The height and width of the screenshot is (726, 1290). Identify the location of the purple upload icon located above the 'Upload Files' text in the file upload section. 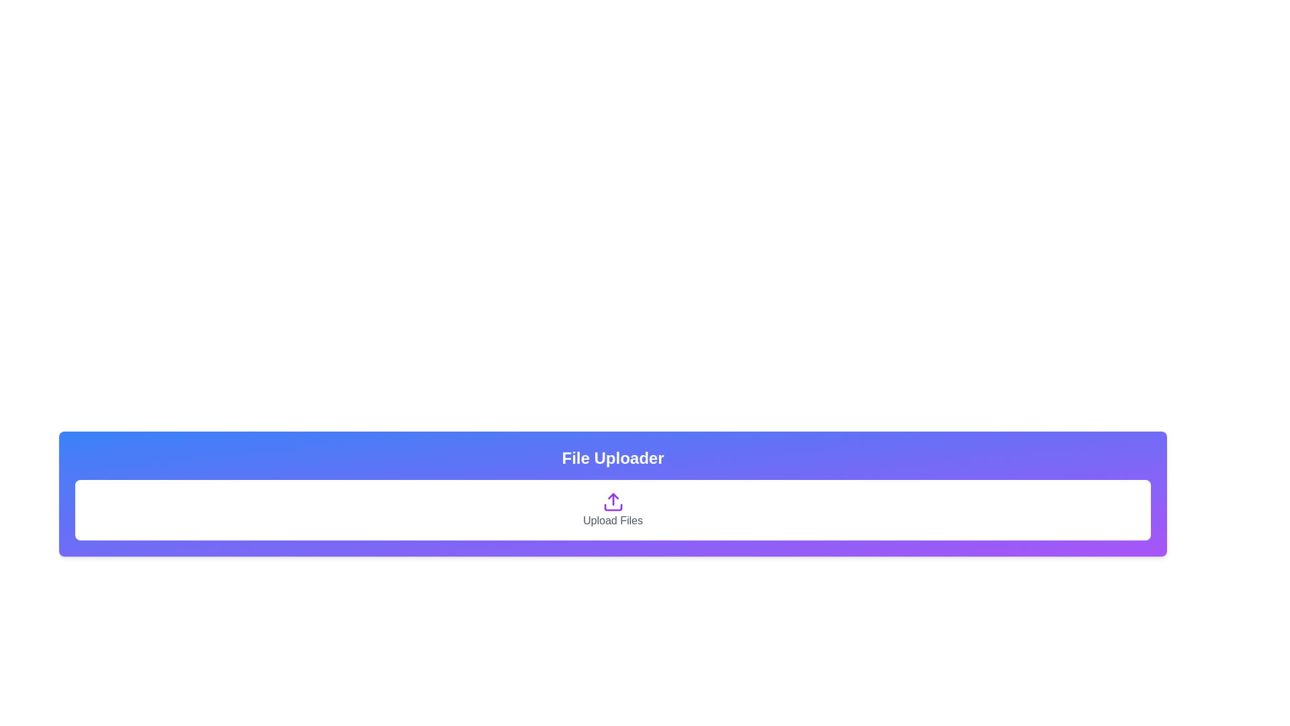
(612, 502).